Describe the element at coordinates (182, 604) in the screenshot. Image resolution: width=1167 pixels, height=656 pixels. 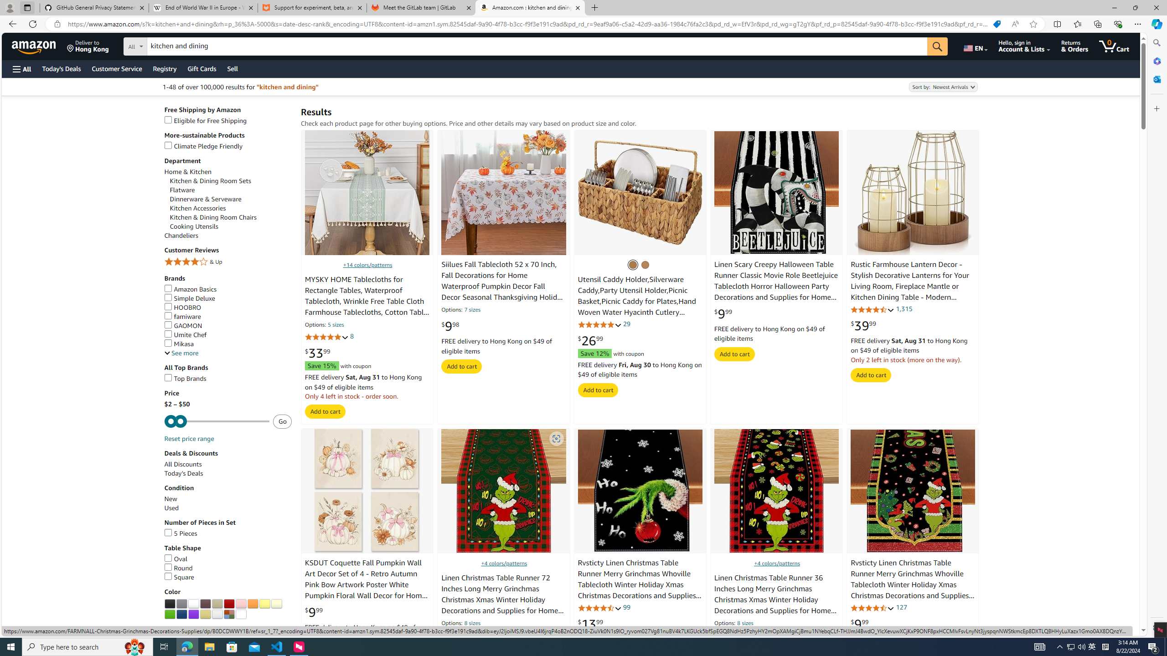
I see `'Grey'` at that location.